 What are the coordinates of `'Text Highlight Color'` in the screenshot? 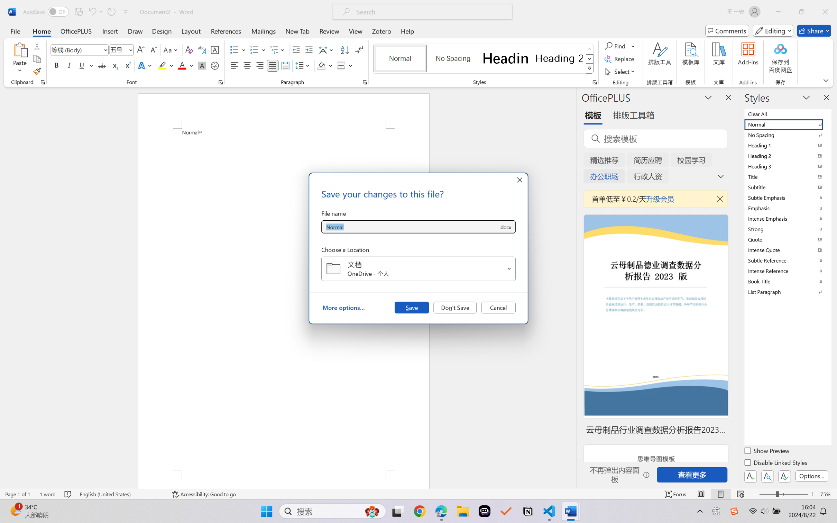 It's located at (165, 65).